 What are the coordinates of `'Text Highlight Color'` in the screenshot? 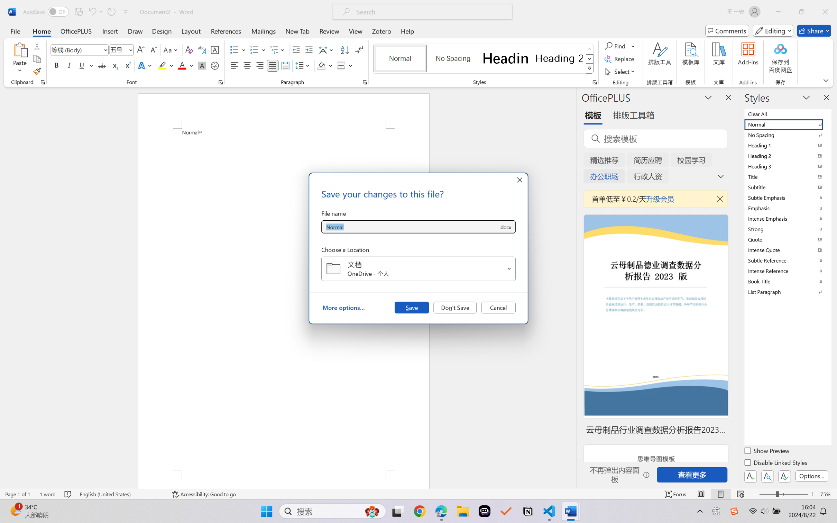 It's located at (165, 65).